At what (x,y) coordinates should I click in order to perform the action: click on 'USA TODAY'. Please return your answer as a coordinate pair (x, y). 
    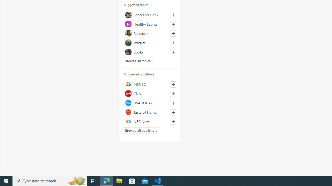
    Looking at the image, I should click on (149, 103).